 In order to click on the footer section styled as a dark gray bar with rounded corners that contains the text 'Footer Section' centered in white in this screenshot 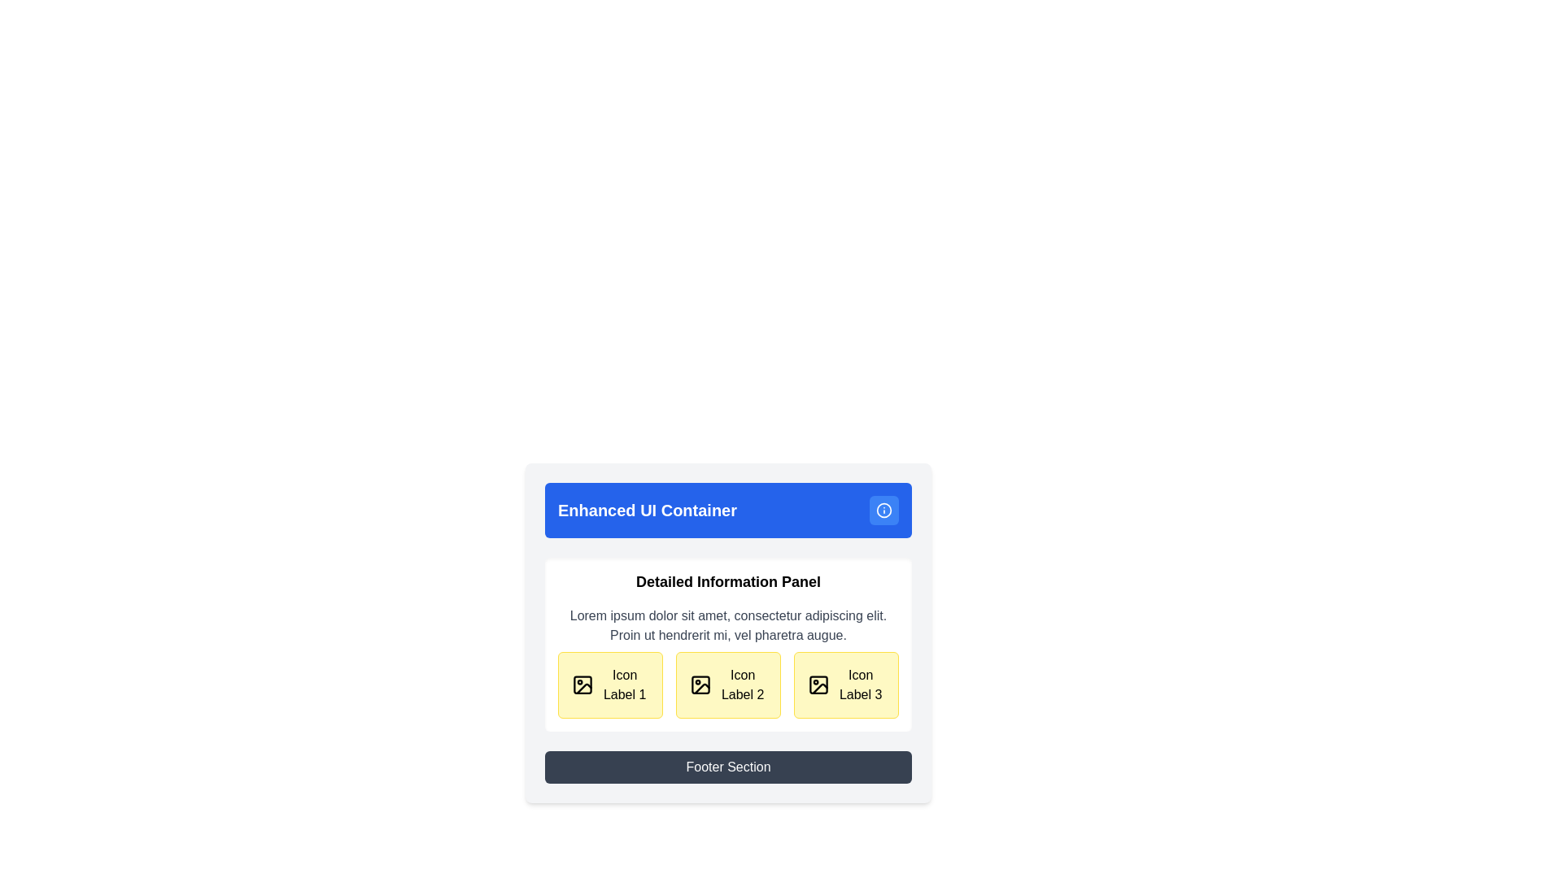, I will do `click(727, 767)`.